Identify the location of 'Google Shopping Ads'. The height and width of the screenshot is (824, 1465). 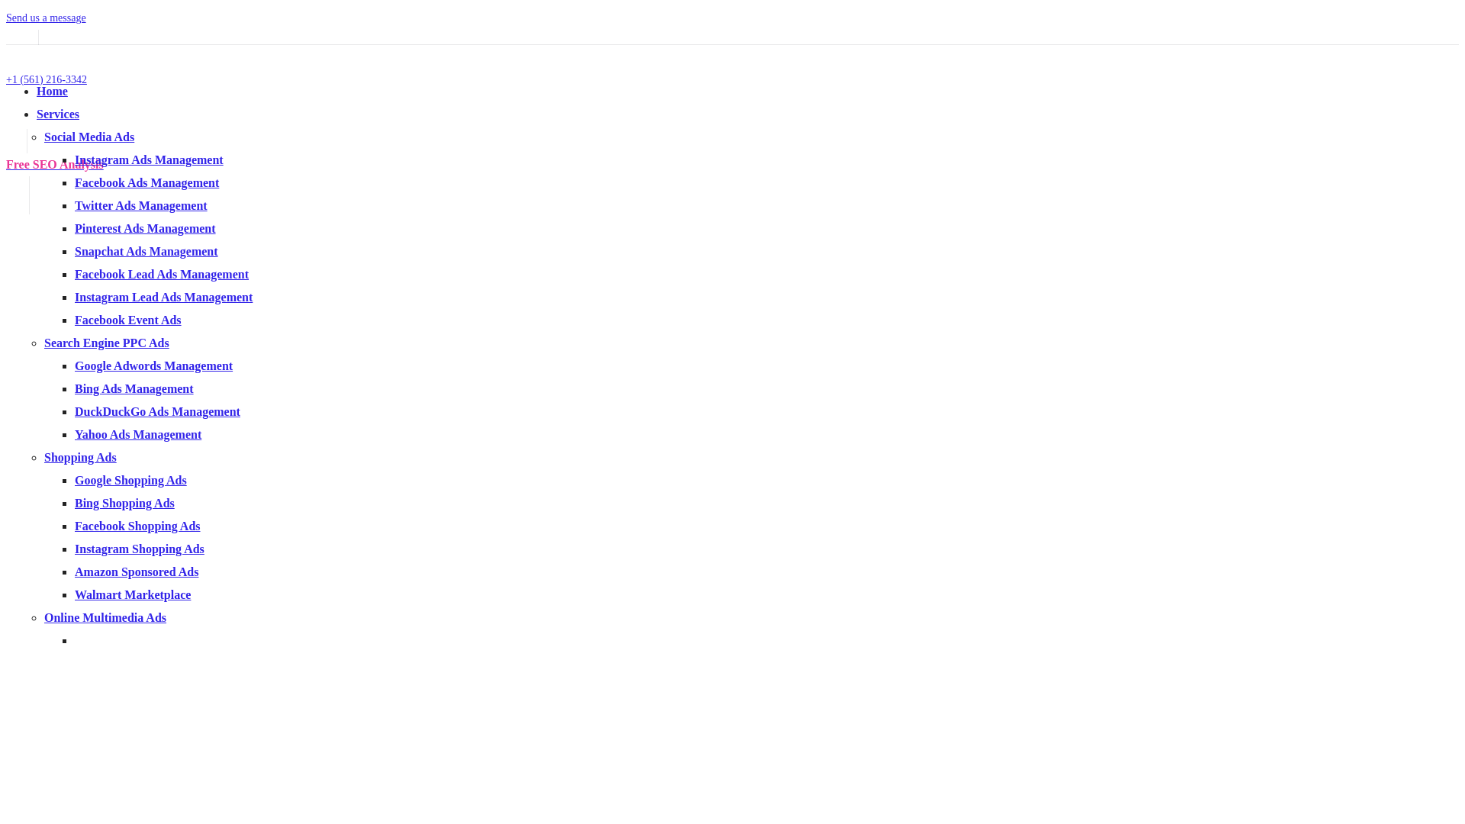
(130, 479).